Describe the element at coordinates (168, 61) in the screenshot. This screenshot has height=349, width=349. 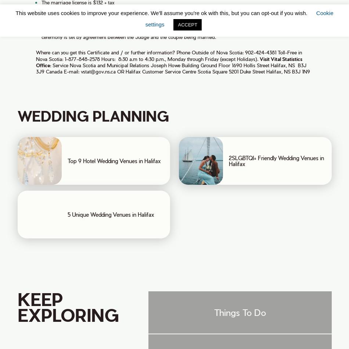
I see `'Visit Vital Statistics Office:'` at that location.